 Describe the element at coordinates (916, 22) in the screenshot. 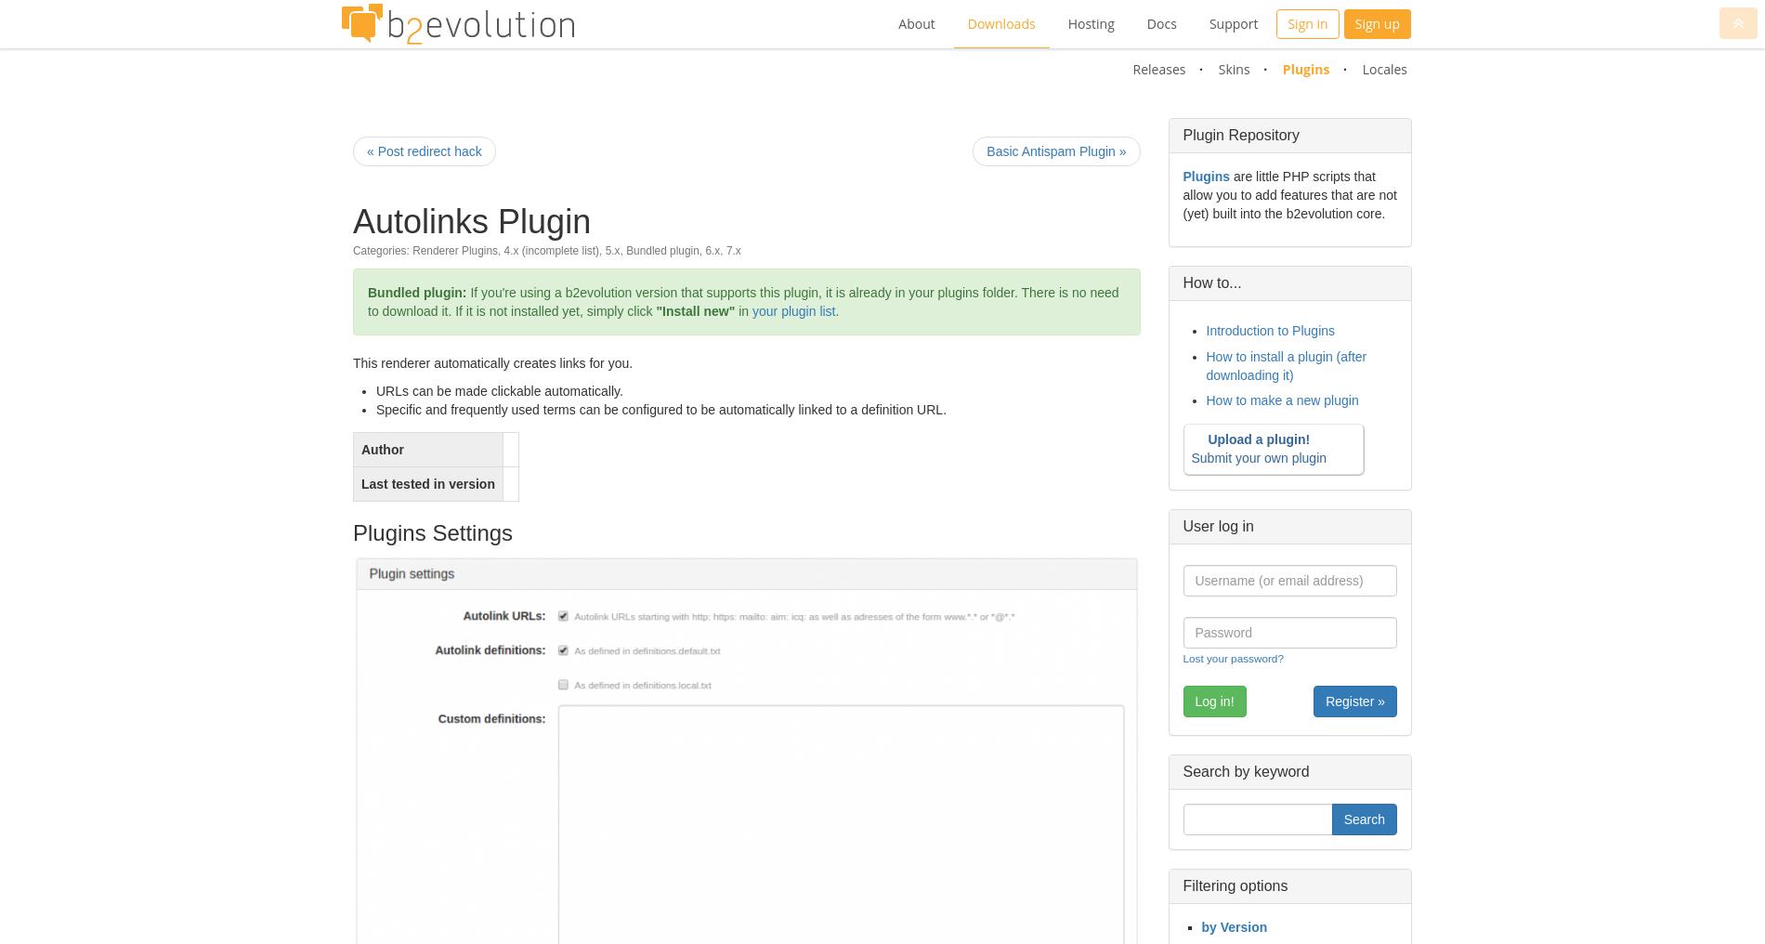

I see `'About'` at that location.